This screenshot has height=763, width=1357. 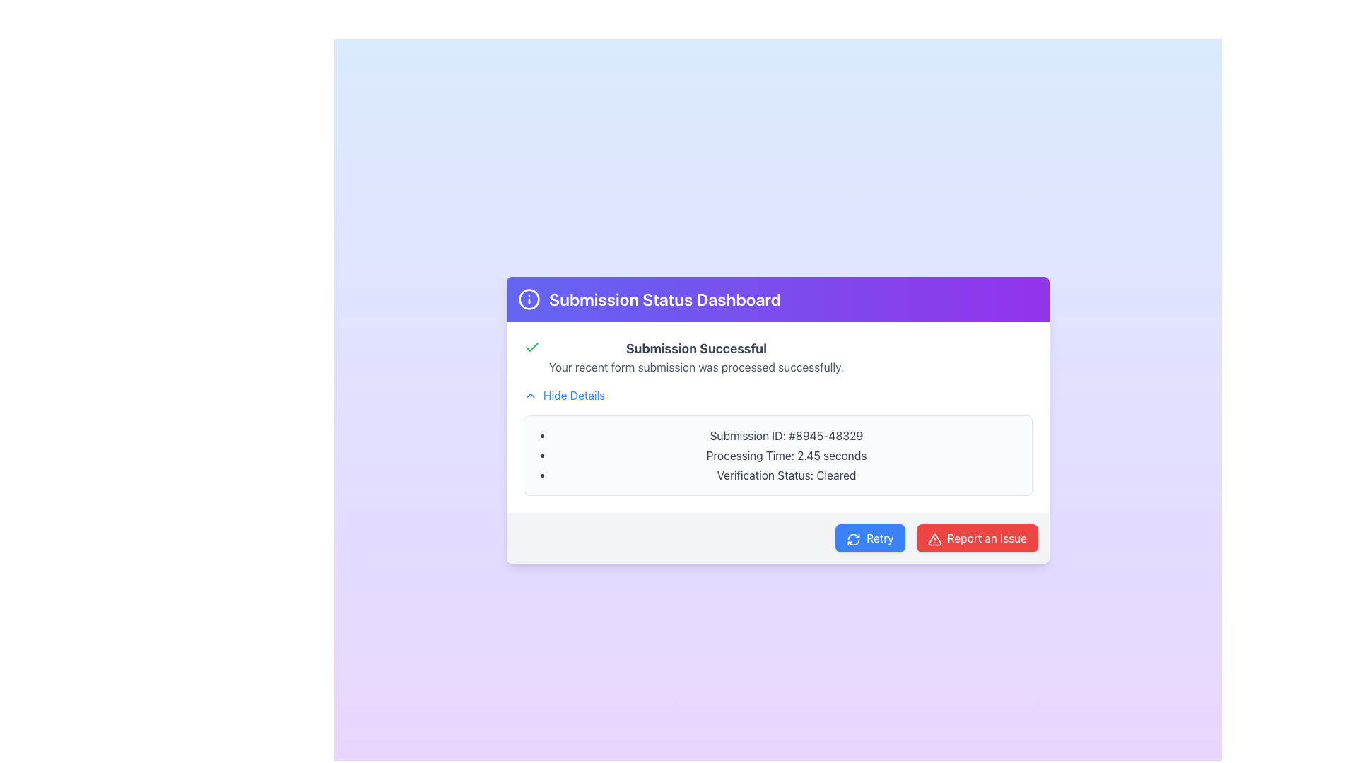 I want to click on notification message confirming the successful submission of the form, which is located in the 'Submission Status Dashboard' above the 'Hide Details' link, so click(x=777, y=356).